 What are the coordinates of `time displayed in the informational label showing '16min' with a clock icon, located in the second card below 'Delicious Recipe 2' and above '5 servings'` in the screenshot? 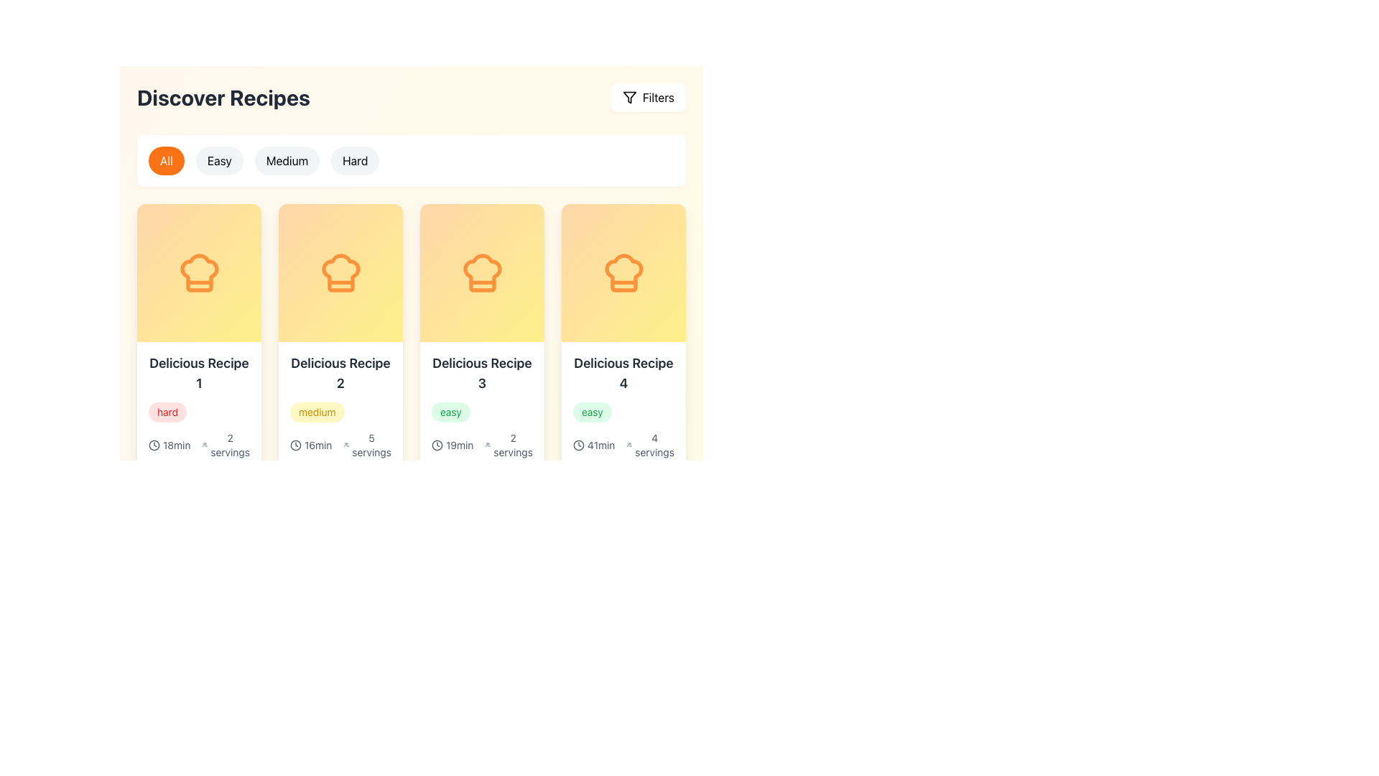 It's located at (313, 445).